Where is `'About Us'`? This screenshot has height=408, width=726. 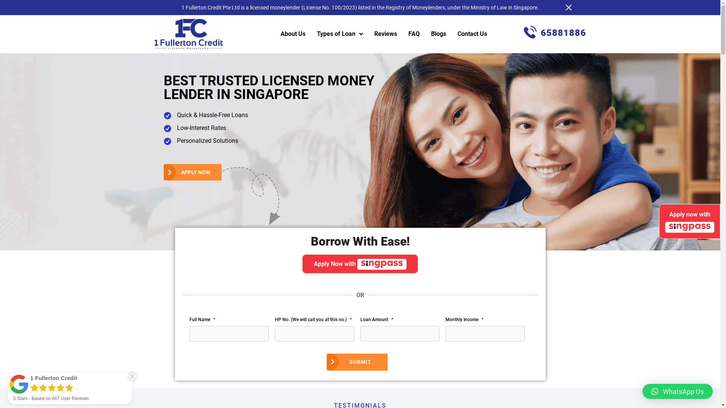 'About Us' is located at coordinates (292, 33).